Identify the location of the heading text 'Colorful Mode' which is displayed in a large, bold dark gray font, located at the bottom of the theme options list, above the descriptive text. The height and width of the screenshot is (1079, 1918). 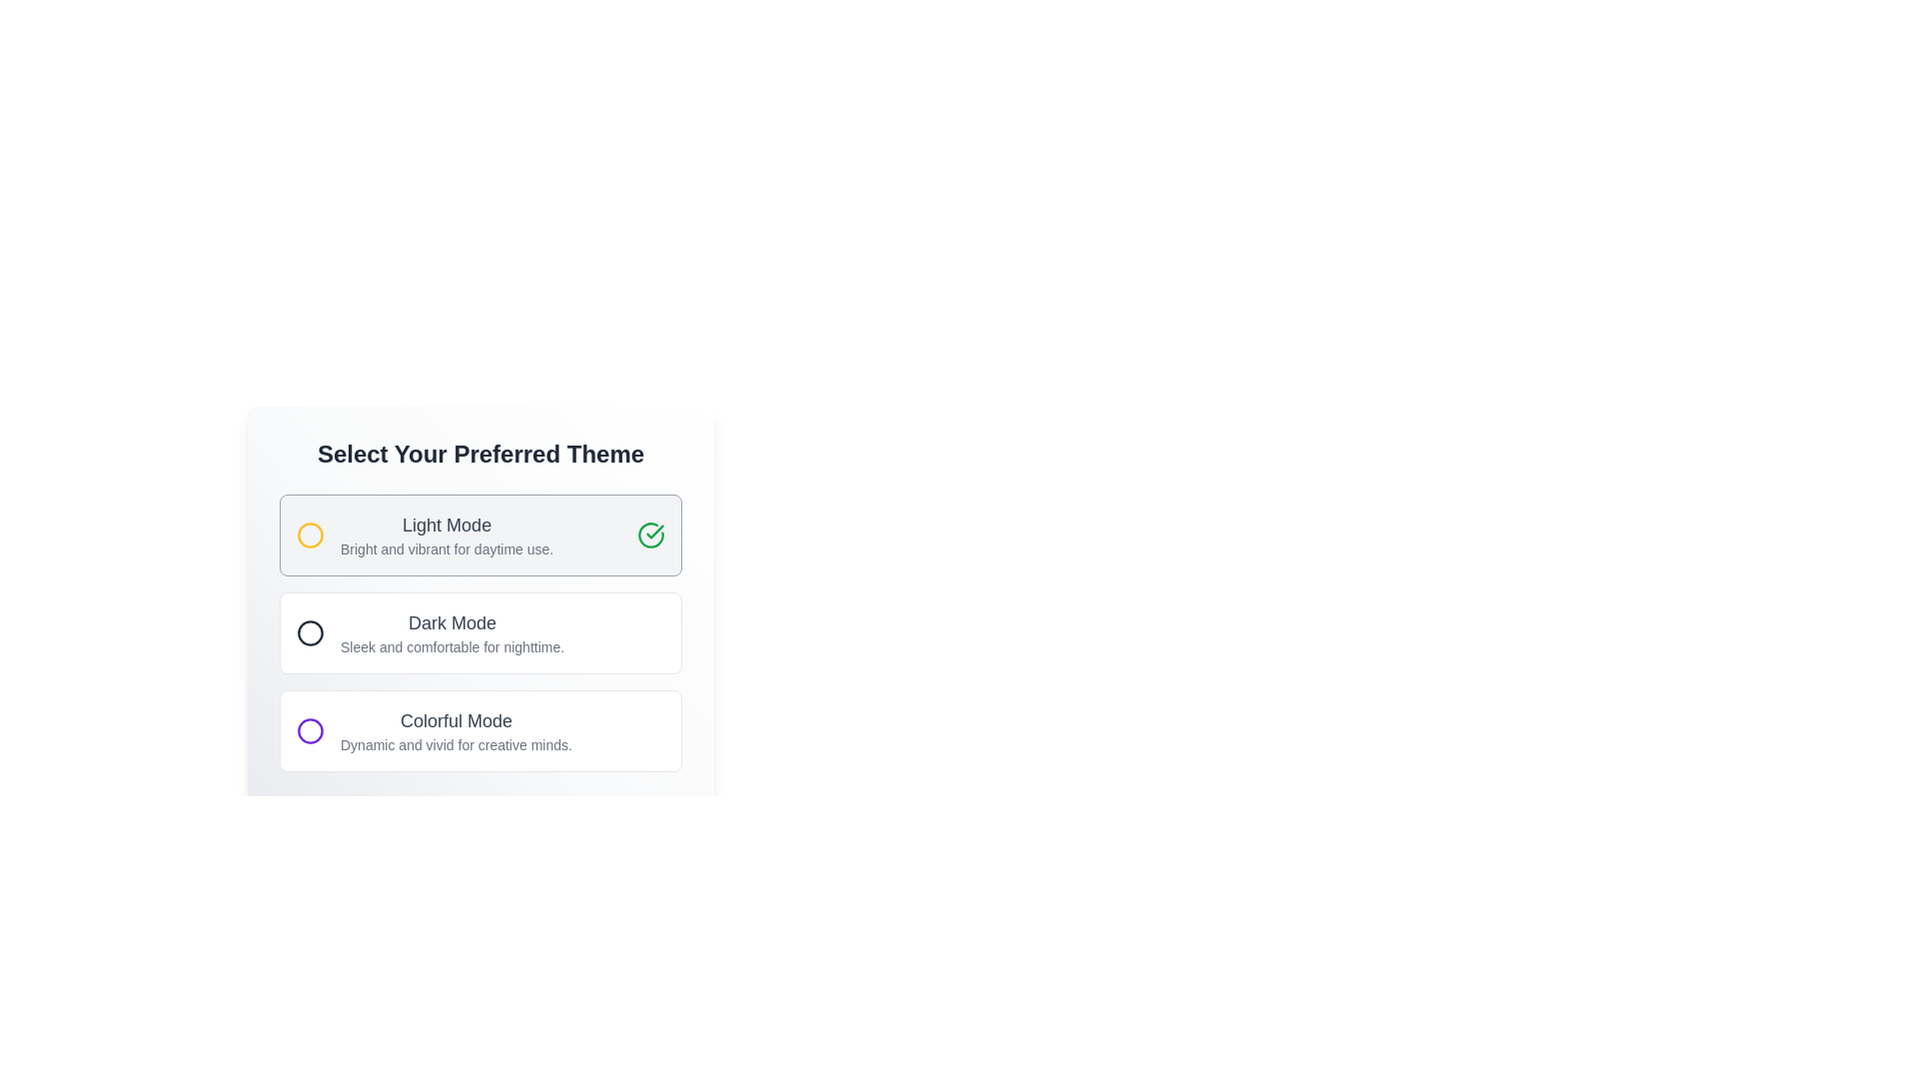
(455, 720).